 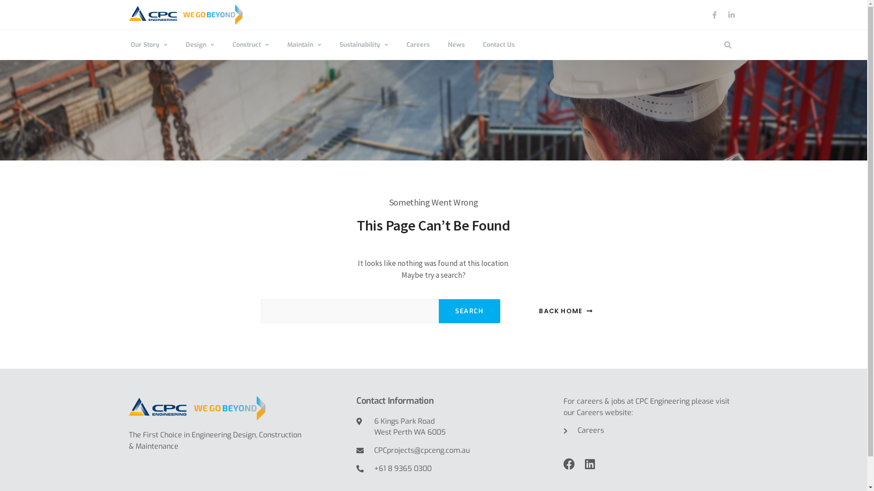 What do you see at coordinates (565, 311) in the screenshot?
I see `'BACK HOME'` at bounding box center [565, 311].